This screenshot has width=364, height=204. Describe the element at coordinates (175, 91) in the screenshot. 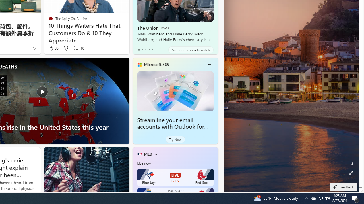

I see `'Streamline your email accounts with Outlook for Windows'` at that location.